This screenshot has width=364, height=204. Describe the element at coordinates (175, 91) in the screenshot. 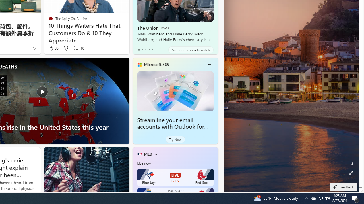

I see `'Streamline your email accounts with Outlook for Windows'` at that location.